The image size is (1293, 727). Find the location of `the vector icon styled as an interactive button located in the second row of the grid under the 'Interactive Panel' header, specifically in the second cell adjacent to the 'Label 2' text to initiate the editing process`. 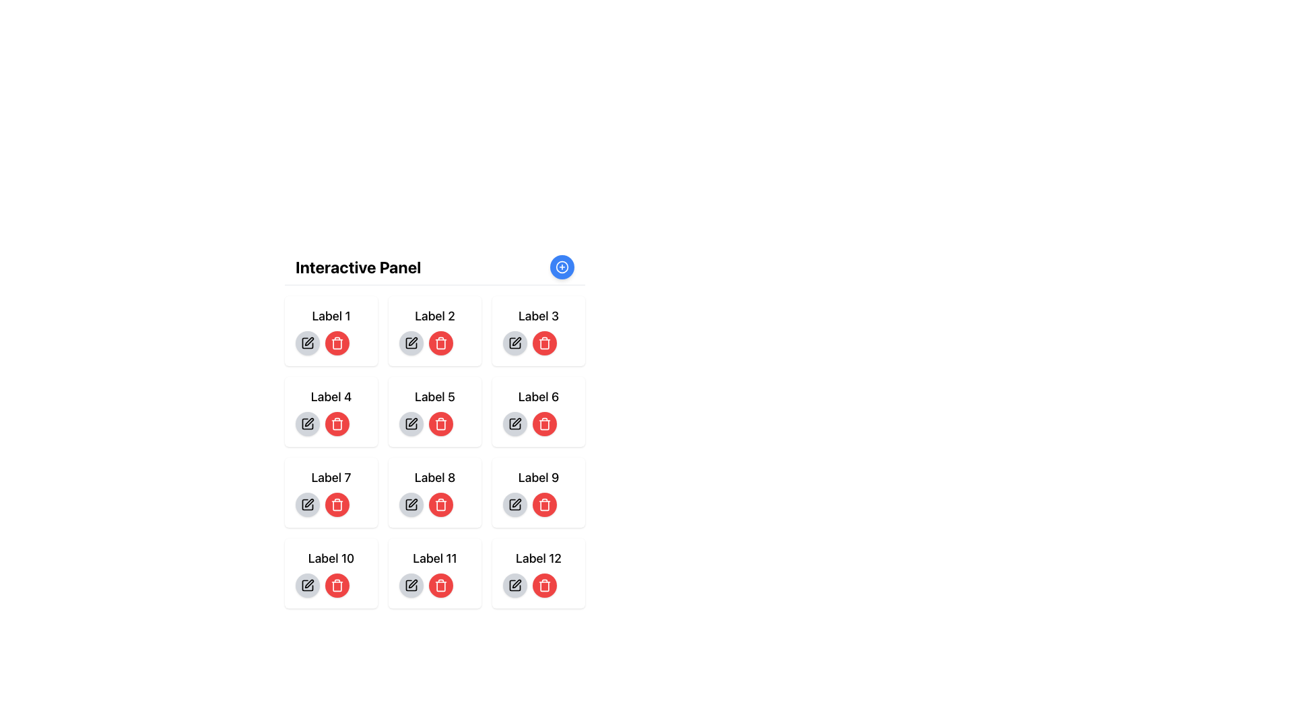

the vector icon styled as an interactive button located in the second row of the grid under the 'Interactive Panel' header, specifically in the second cell adjacent to the 'Label 2' text to initiate the editing process is located at coordinates (410, 342).